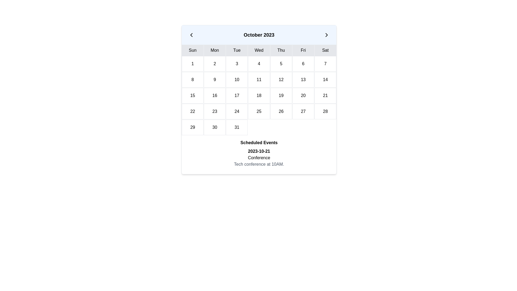  What do you see at coordinates (303, 111) in the screenshot?
I see `the Text Display (Date Selector) that represents the 27th day of the month in the calendar, located in the sixth column and fourth row of the grid layout under 'Fri'` at bounding box center [303, 111].